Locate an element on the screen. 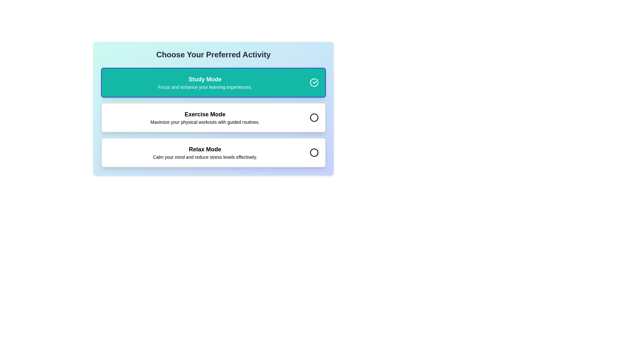 The width and height of the screenshot is (622, 350). the circular graphic or icon with a black outline located to the right of the text 'Exercise Mode' in the middle option of a vertically stacked selection interface is located at coordinates (314, 117).